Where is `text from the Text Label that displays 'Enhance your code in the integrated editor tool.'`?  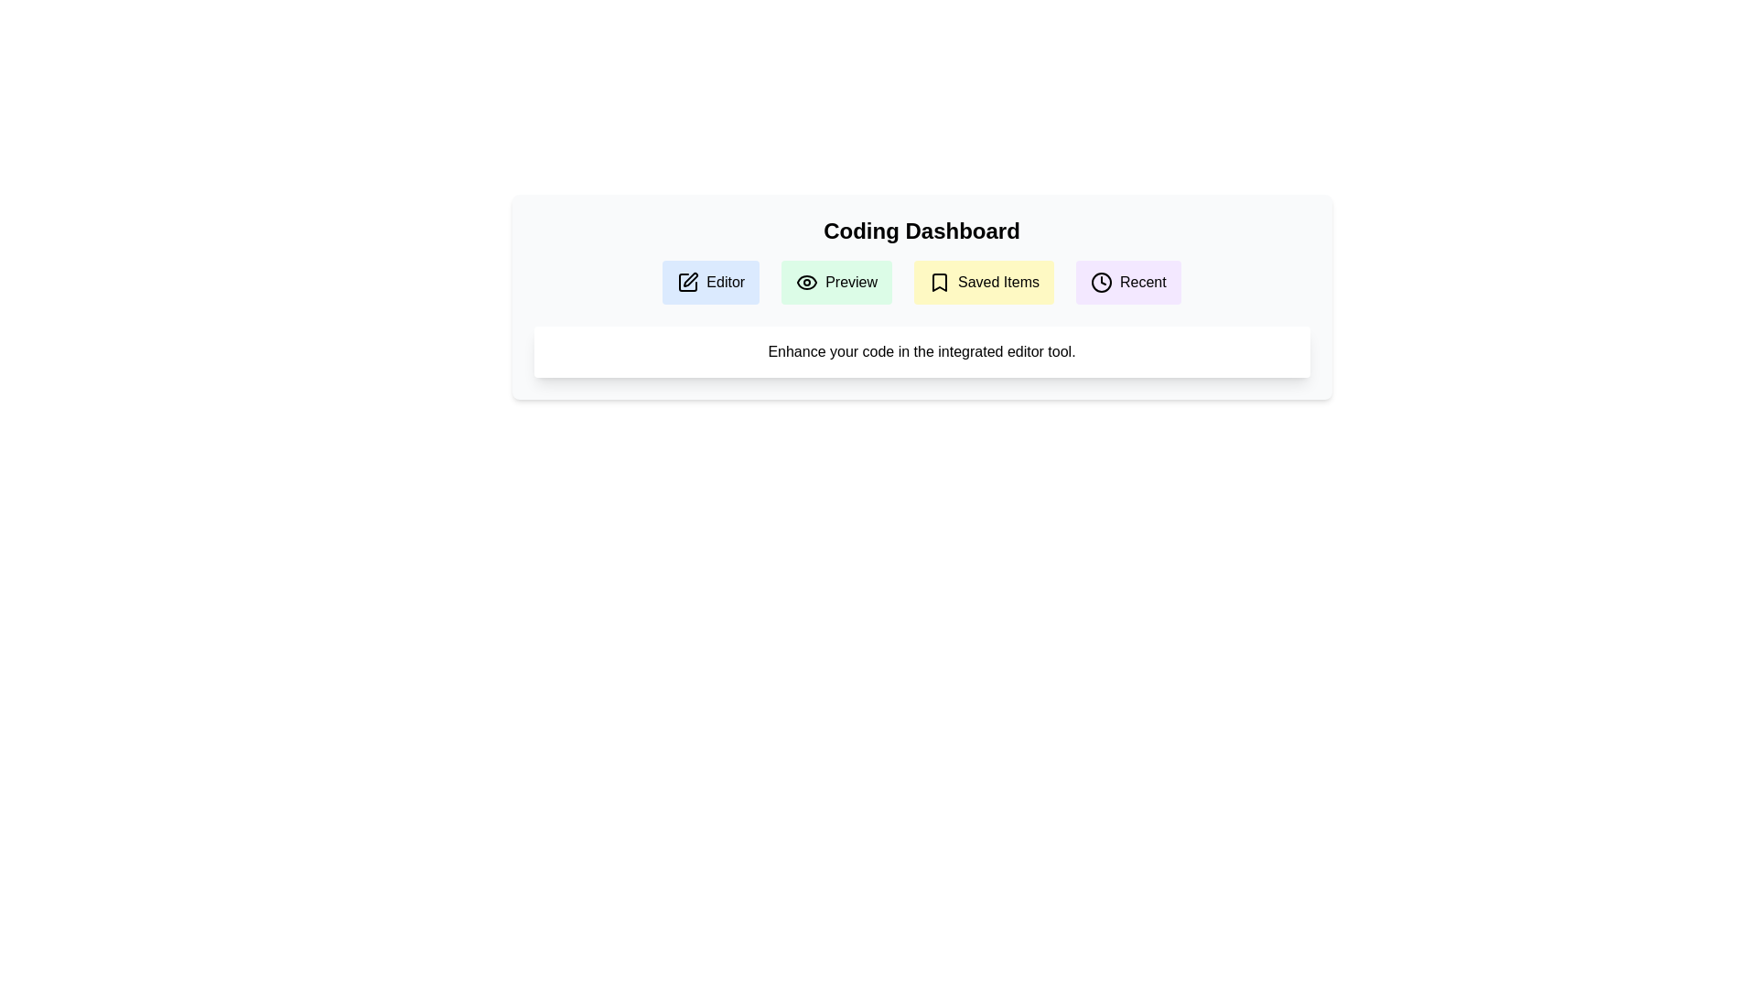 text from the Text Label that displays 'Enhance your code in the integrated editor tool.' is located at coordinates (922, 352).